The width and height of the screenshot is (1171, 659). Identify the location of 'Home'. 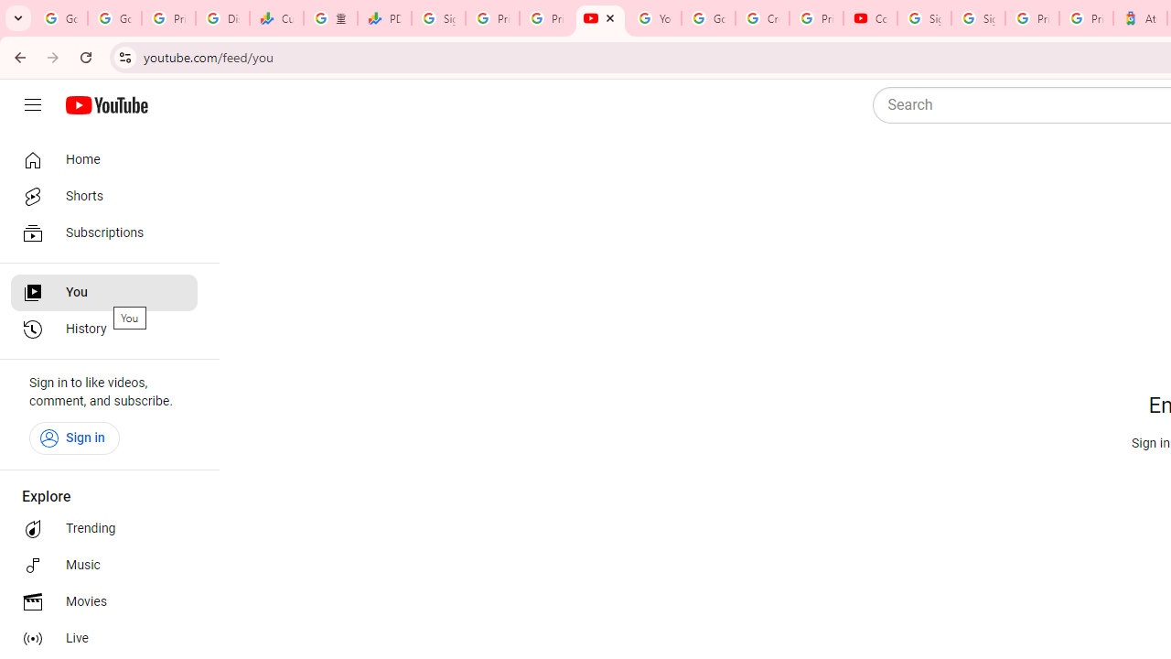
(102, 158).